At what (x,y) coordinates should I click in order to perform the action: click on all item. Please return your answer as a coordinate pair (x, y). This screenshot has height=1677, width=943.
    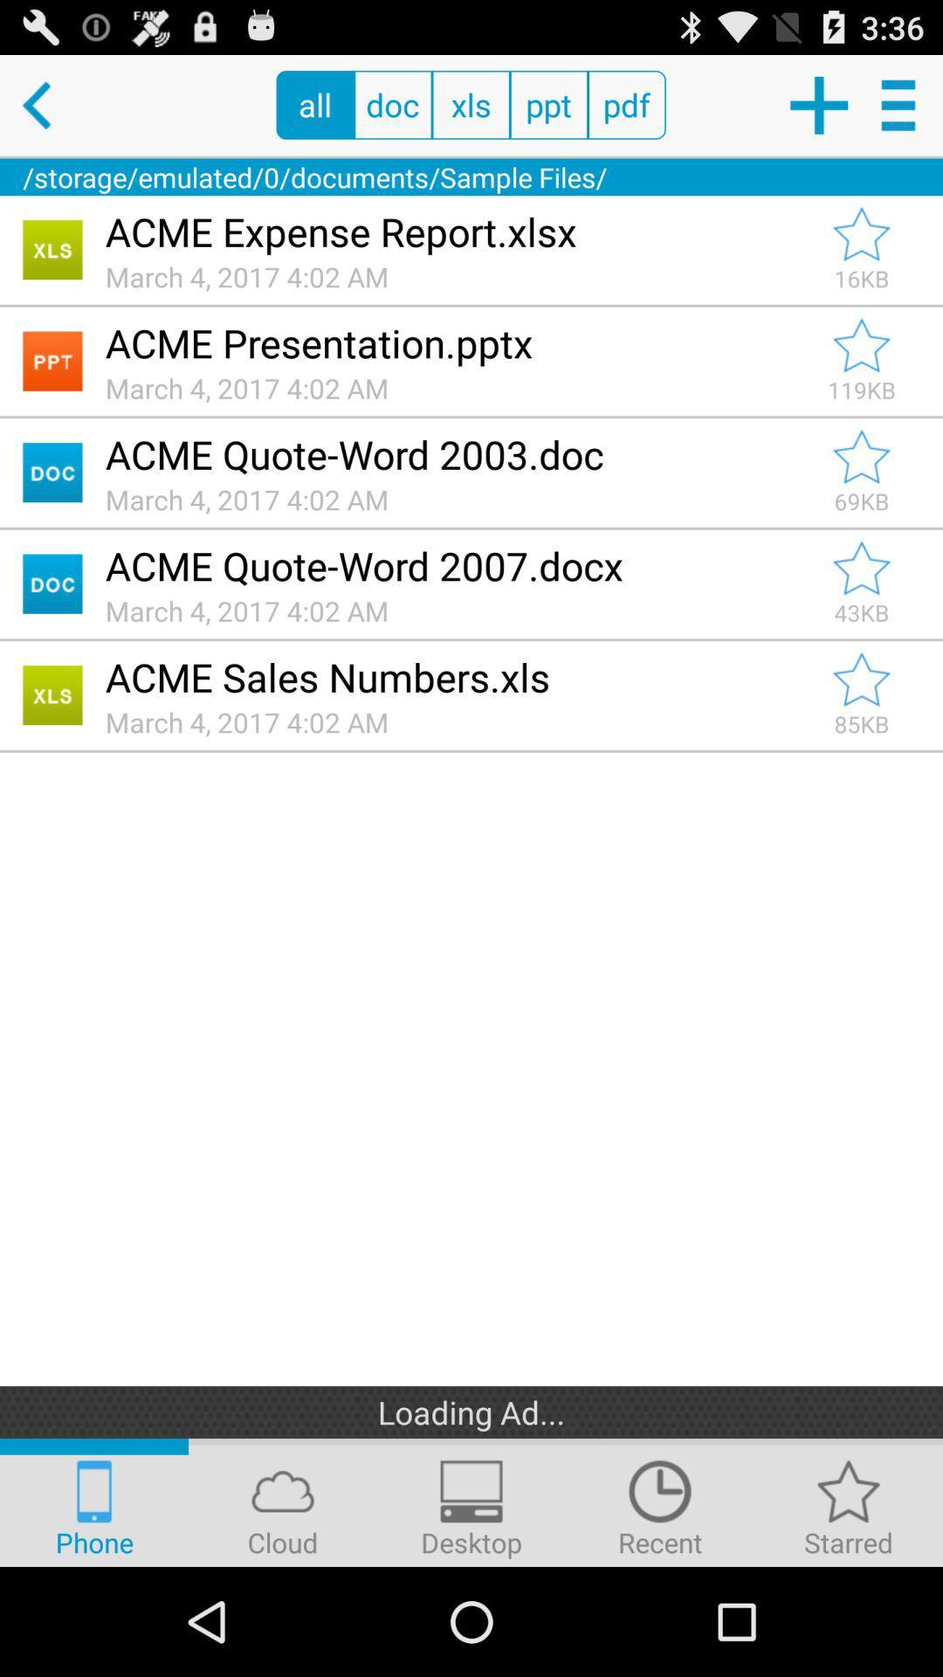
    Looking at the image, I should click on (315, 104).